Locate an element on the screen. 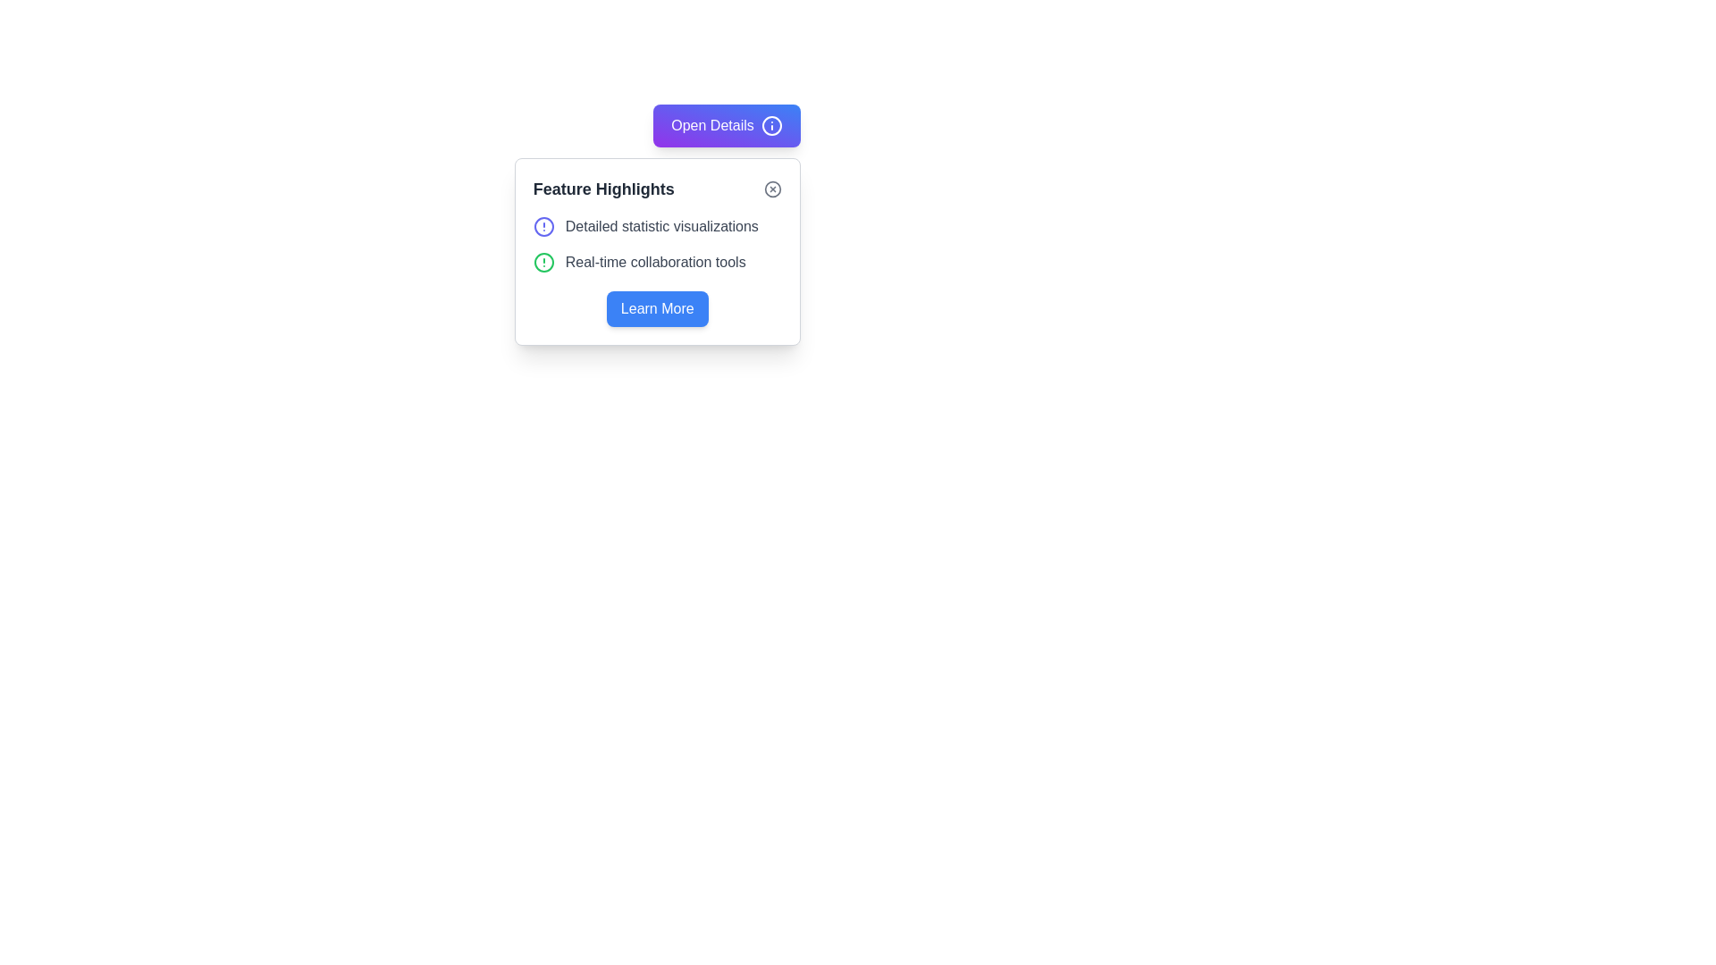 This screenshot has width=1716, height=965. the 'Learn More' button with a blue background and white text, located in the lower portion of the 'Feature Highlights' card is located at coordinates (656, 308).